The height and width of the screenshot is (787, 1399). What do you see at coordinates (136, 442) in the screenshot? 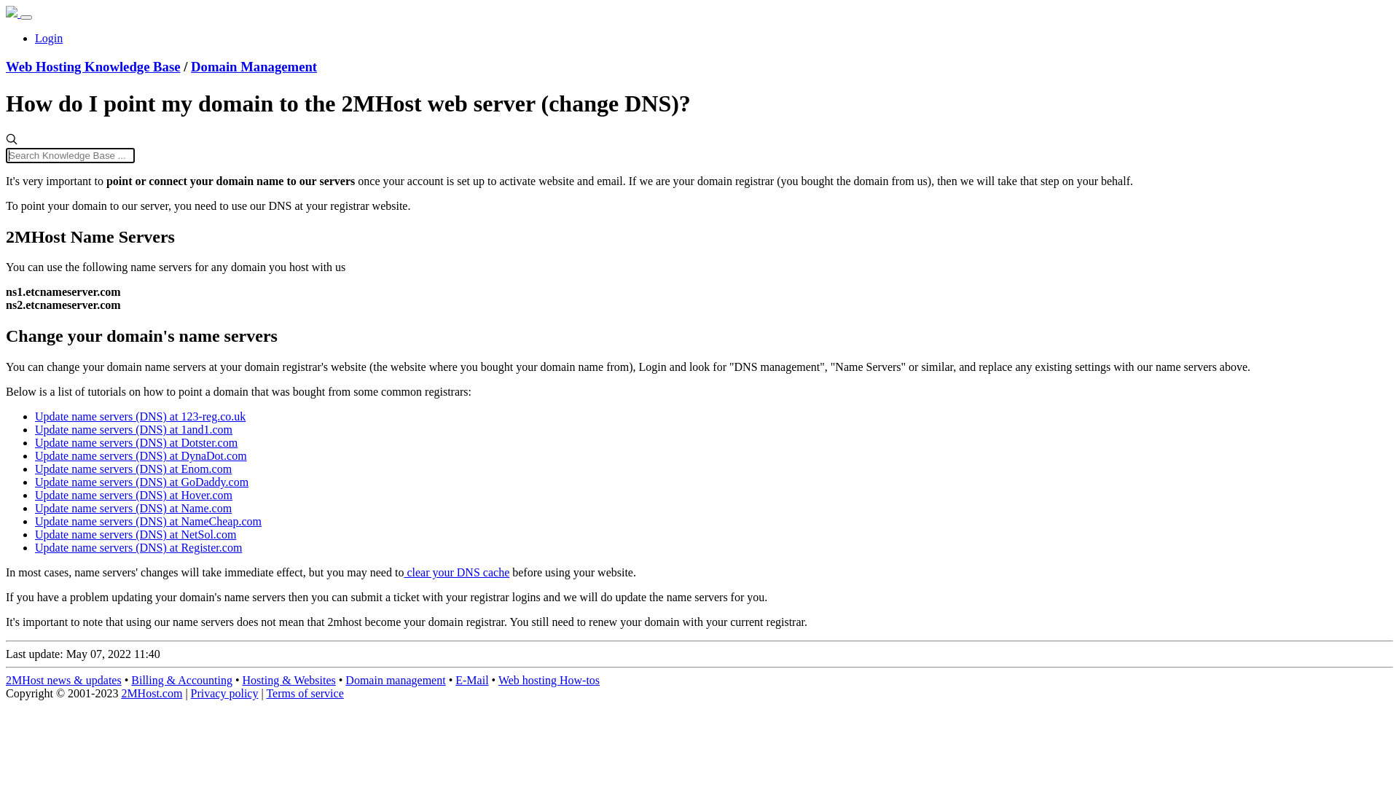
I see `'Update name servers (DNS) at Dotster.com'` at bounding box center [136, 442].